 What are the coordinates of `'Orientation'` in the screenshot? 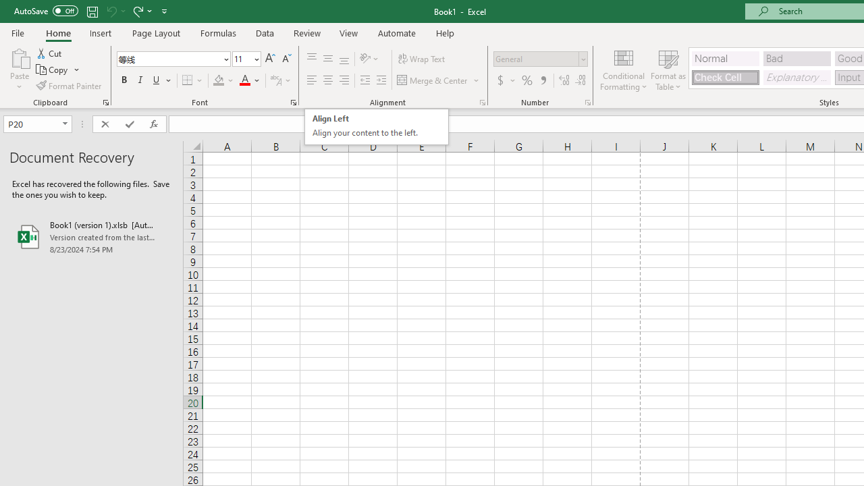 It's located at (369, 58).